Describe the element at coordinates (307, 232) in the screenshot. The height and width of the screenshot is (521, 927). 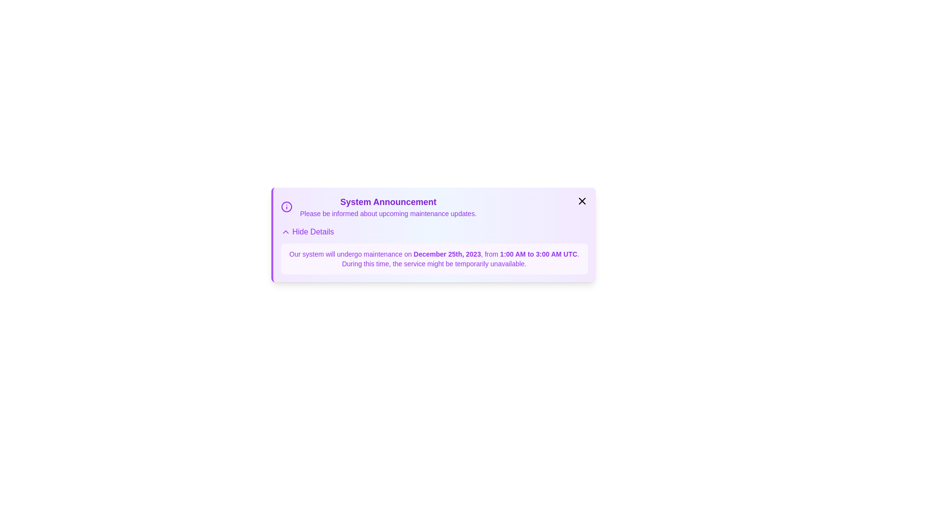
I see `the textual link styled in purple with the text 'Hide Details'` at that location.